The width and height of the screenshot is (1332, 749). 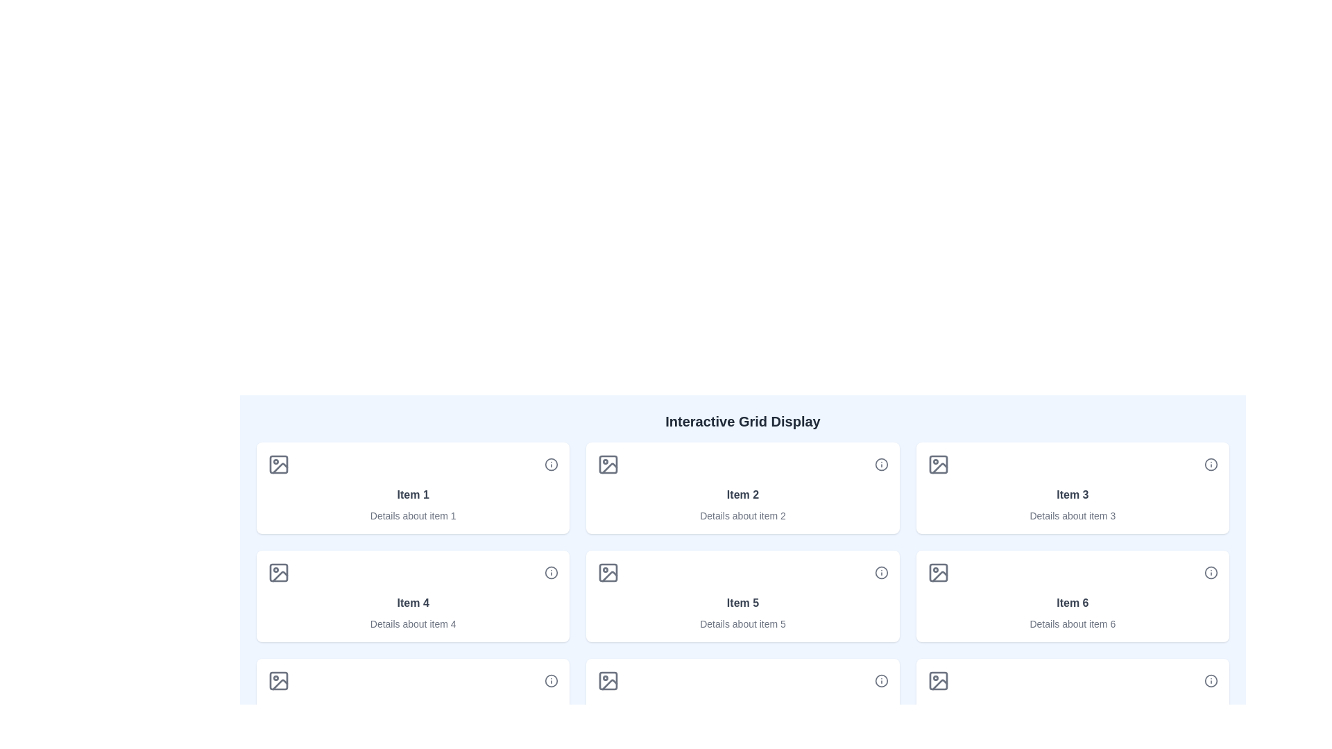 I want to click on the circular visual element within the SVG located in the top-right corner of the card representing 'Item 1', so click(x=551, y=465).